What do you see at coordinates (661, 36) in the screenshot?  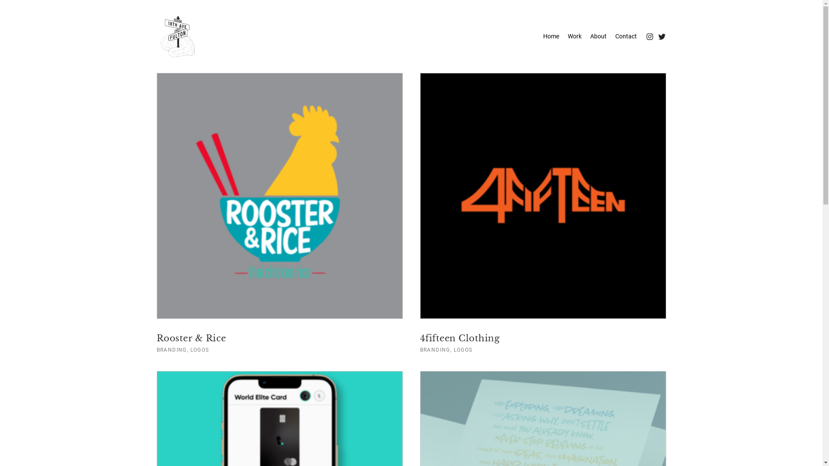 I see `'Twitter'` at bounding box center [661, 36].